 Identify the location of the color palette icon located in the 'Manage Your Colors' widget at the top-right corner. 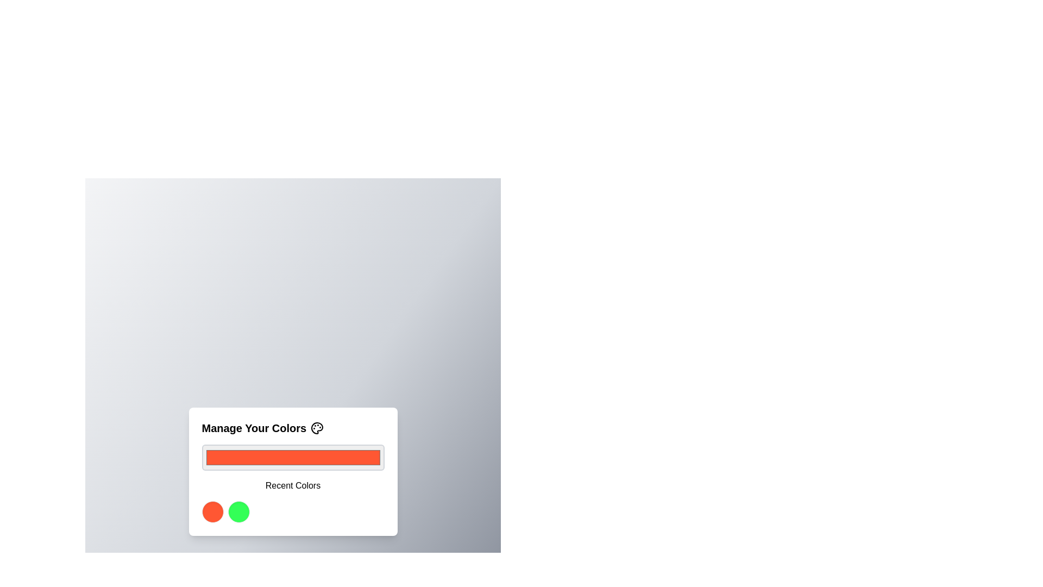
(317, 427).